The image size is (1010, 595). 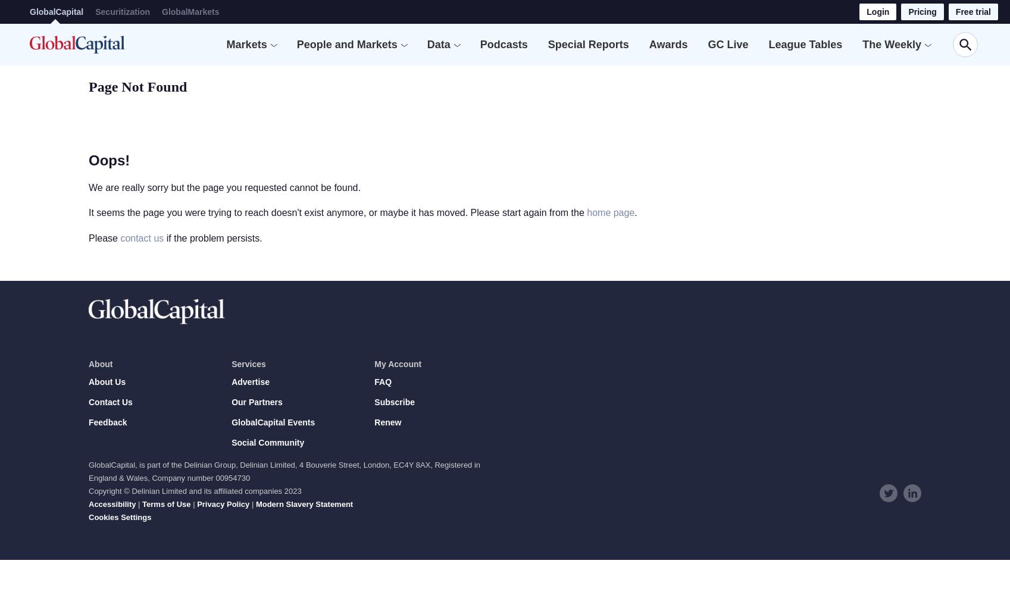 I want to click on 'Login', so click(x=867, y=12).